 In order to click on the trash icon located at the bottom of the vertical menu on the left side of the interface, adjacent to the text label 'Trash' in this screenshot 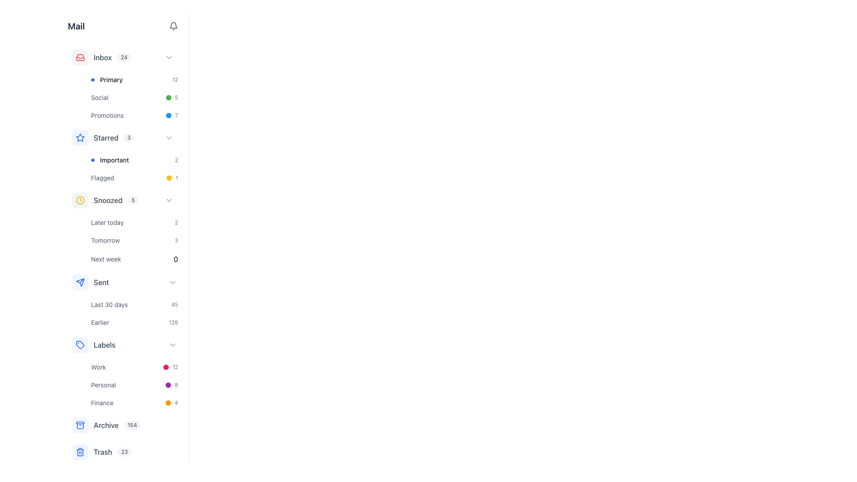, I will do `click(80, 452)`.